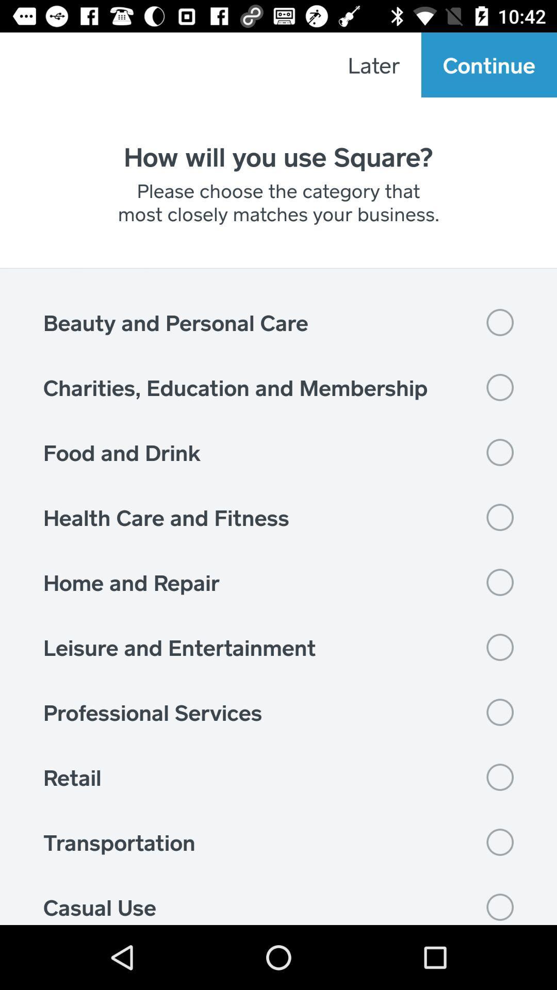 The width and height of the screenshot is (557, 990). What do you see at coordinates (373, 64) in the screenshot?
I see `later item` at bounding box center [373, 64].